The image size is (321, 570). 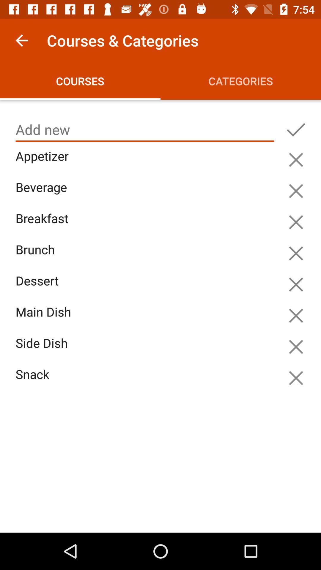 I want to click on the item above dessert, so click(x=146, y=256).